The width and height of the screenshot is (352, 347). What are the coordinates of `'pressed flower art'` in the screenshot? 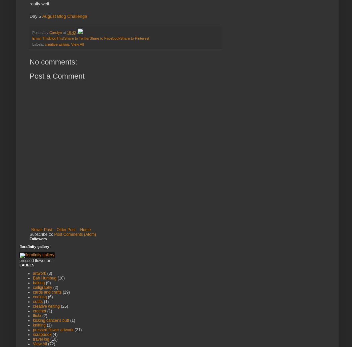 It's located at (35, 260).